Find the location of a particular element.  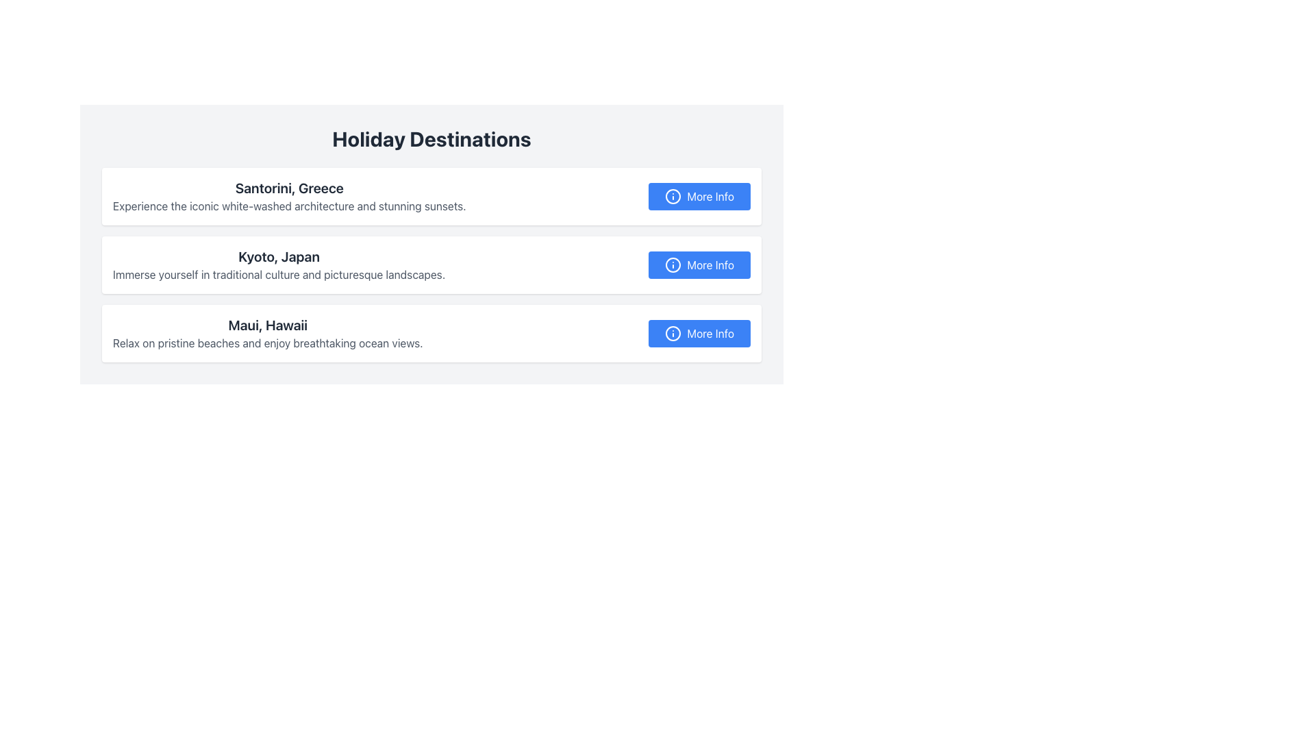

the text block displaying 'Kyoto, Japan', which includes a bold title and a descriptive phrase, located in the middle section of the holiday destination list is located at coordinates (278, 264).